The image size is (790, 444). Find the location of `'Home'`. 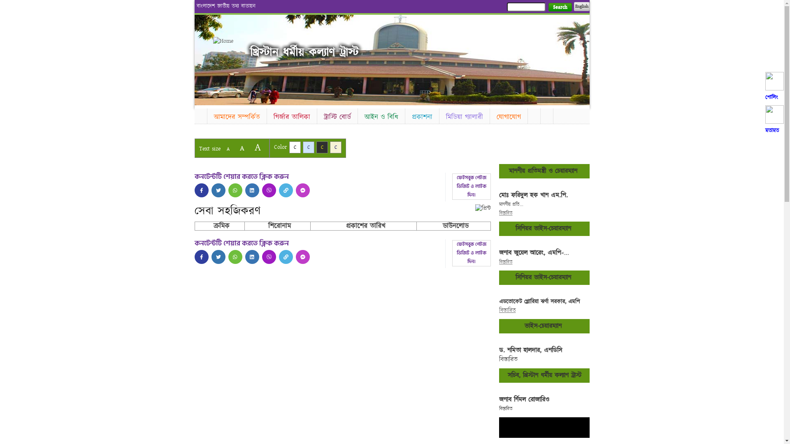

'Home' is located at coordinates (200, 115).